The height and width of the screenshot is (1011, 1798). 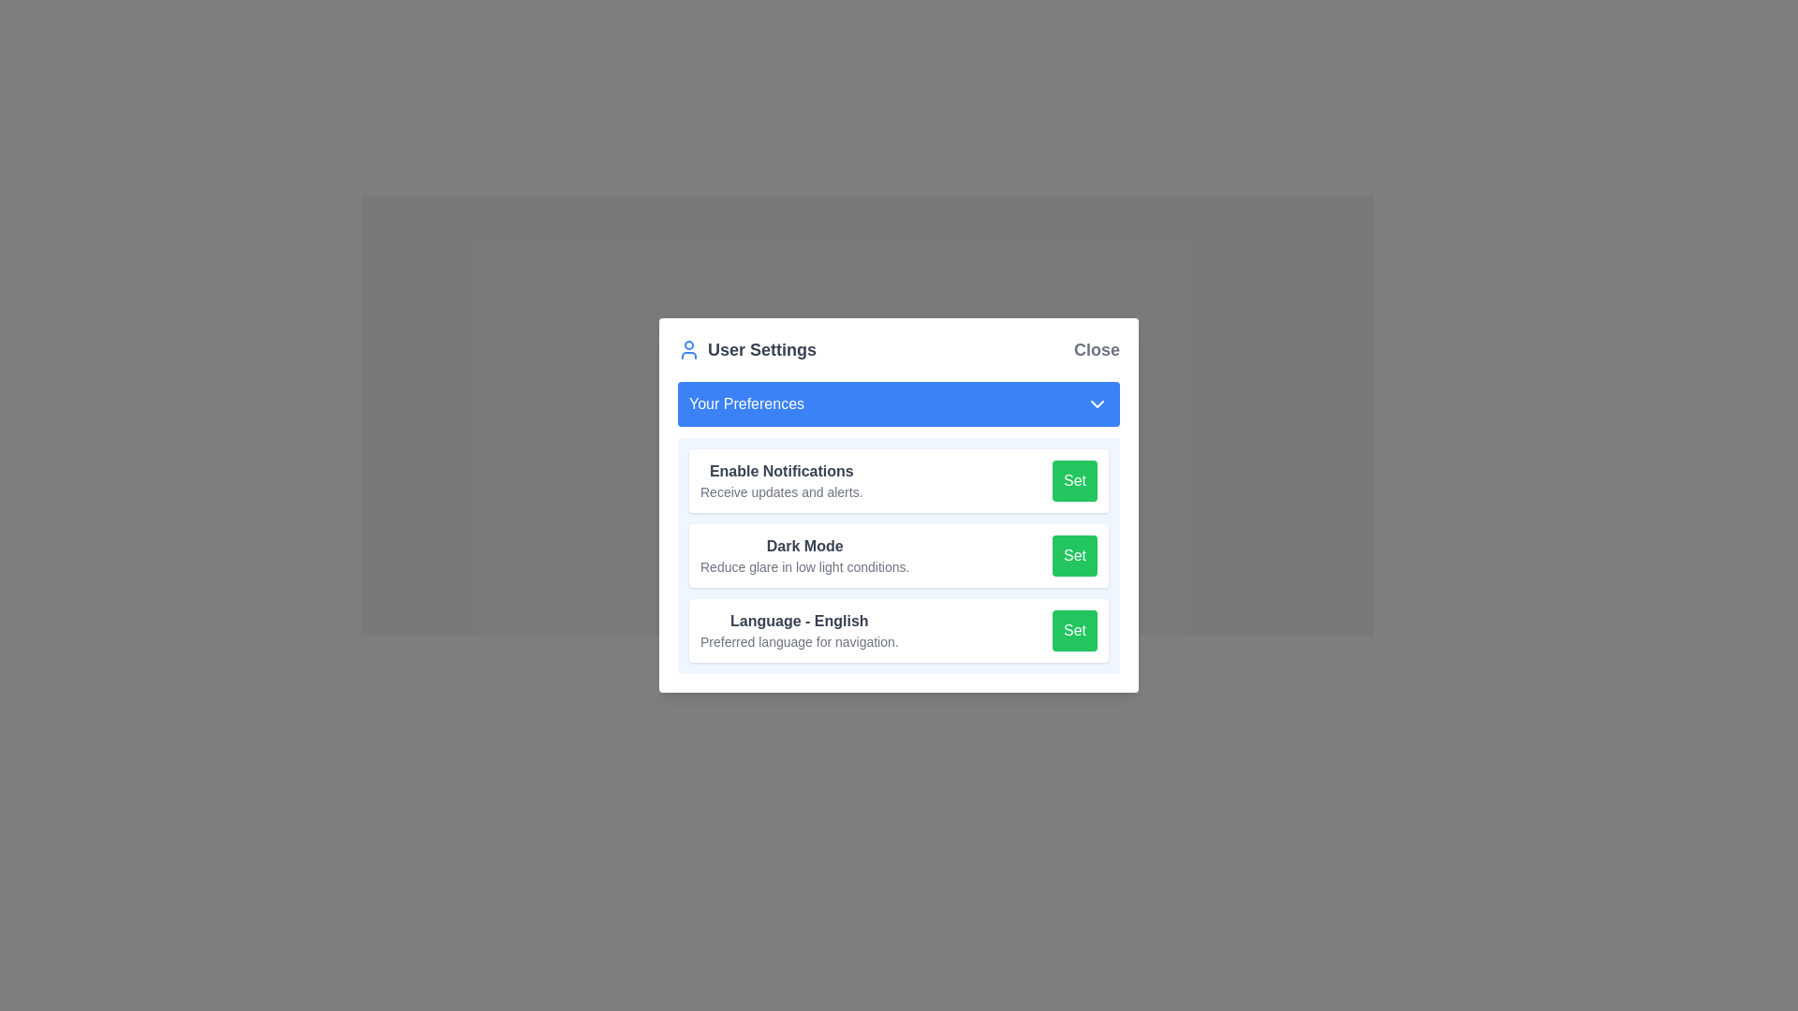 What do you see at coordinates (799, 641) in the screenshot?
I see `text label displaying 'Preferred language for navigation.' located below the 'Language - English' label in the settings panel` at bounding box center [799, 641].